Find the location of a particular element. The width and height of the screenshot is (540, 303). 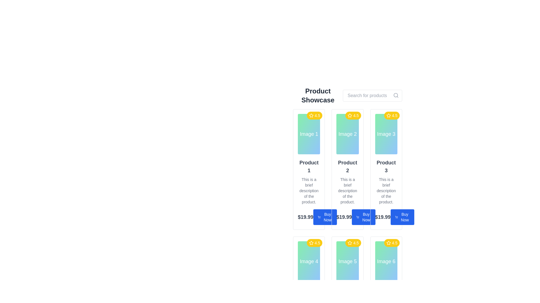

the text label displaying '$19.99', which is bold and large, located in the bottom section of the card for 'Product 3', to the left of the 'Buy Now' button is located at coordinates (382, 217).